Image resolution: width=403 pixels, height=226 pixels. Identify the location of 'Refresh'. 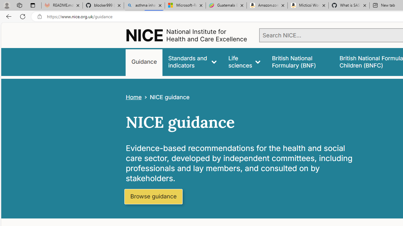
(23, 16).